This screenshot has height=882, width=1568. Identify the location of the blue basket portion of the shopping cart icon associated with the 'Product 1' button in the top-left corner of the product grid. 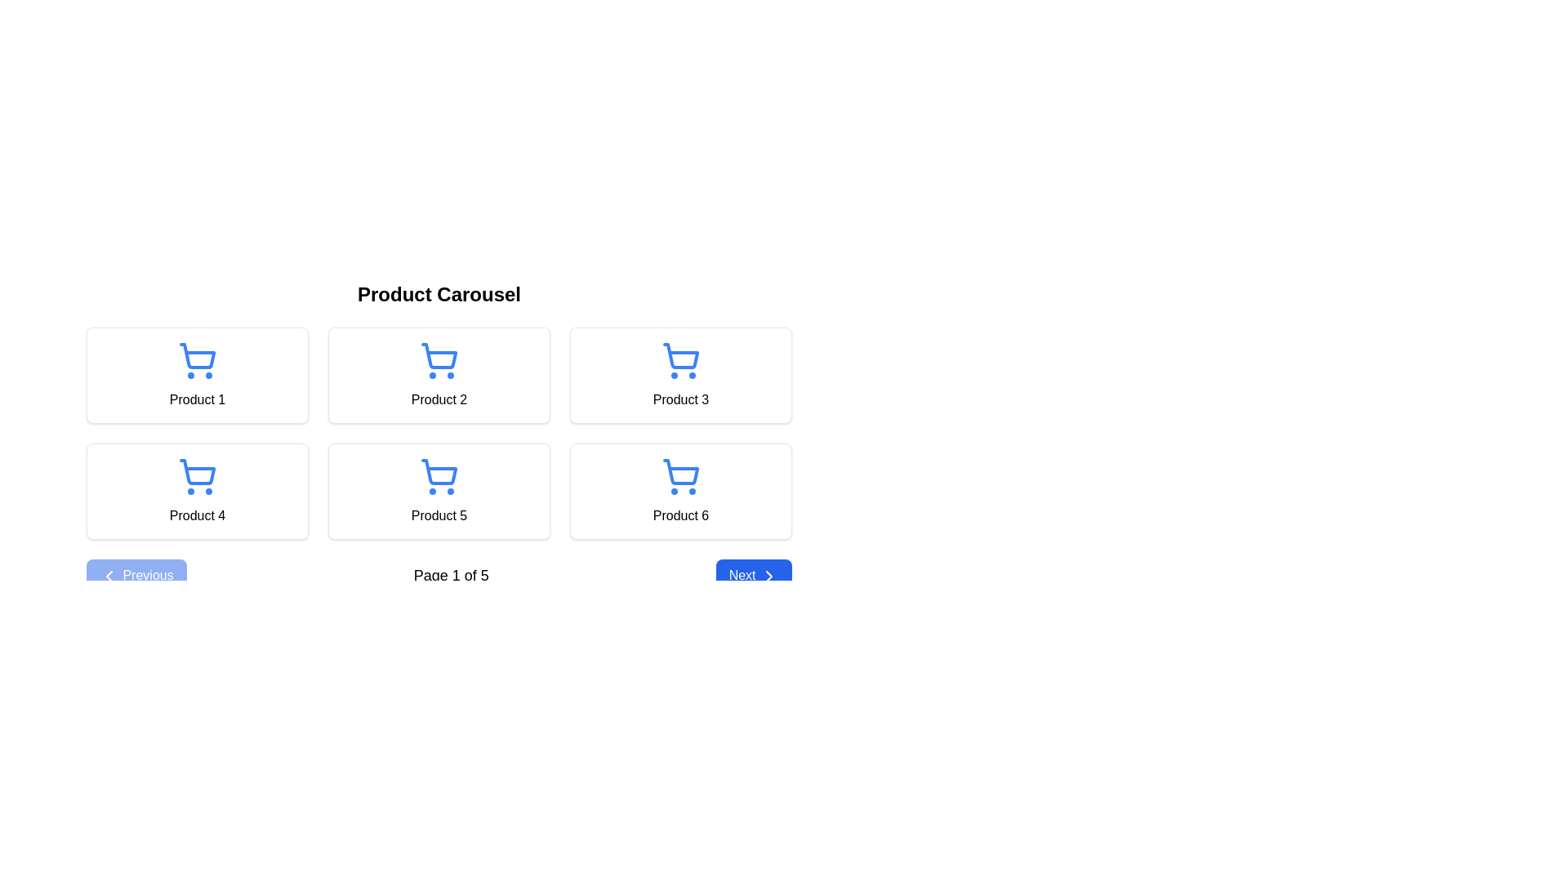
(197, 355).